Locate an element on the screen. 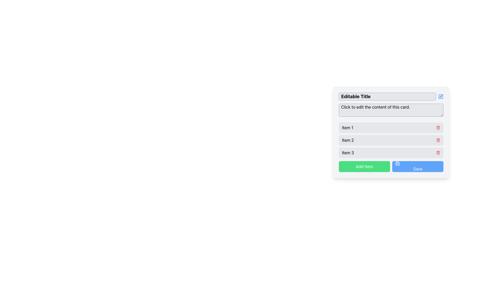  the text input field located below the 'Editable Title' section to focus on it for text input is located at coordinates (391, 110).